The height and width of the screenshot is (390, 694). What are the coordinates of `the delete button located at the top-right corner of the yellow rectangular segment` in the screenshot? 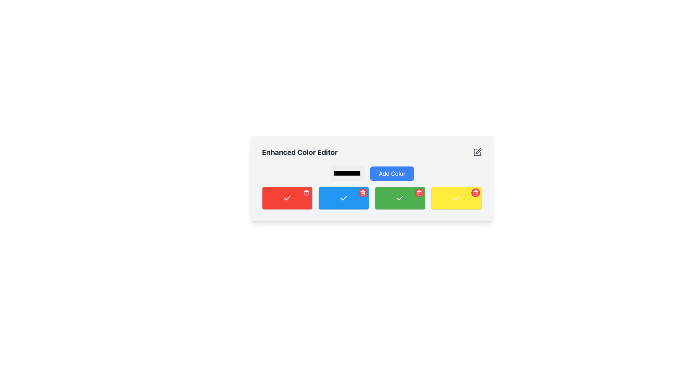 It's located at (475, 192).